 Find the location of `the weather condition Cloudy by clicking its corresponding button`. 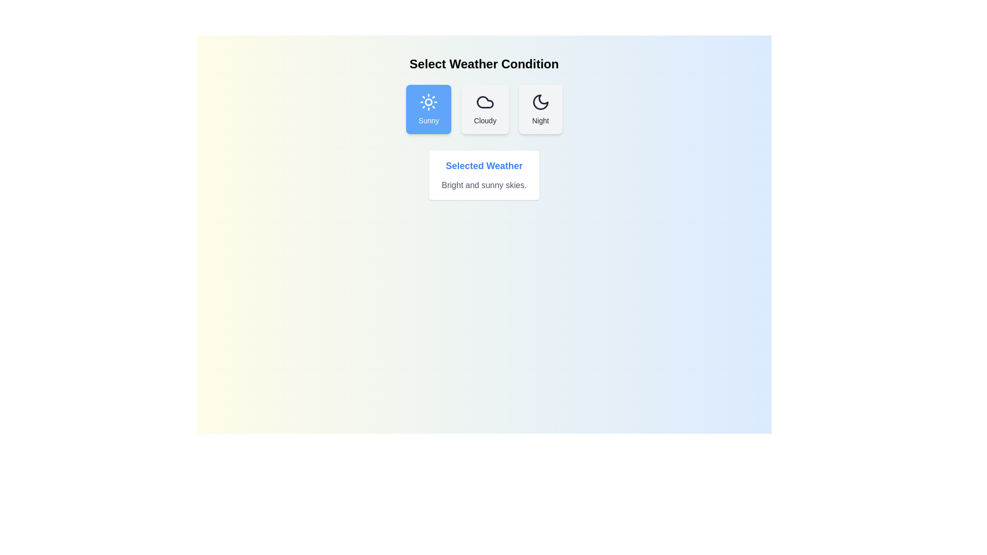

the weather condition Cloudy by clicking its corresponding button is located at coordinates (484, 109).